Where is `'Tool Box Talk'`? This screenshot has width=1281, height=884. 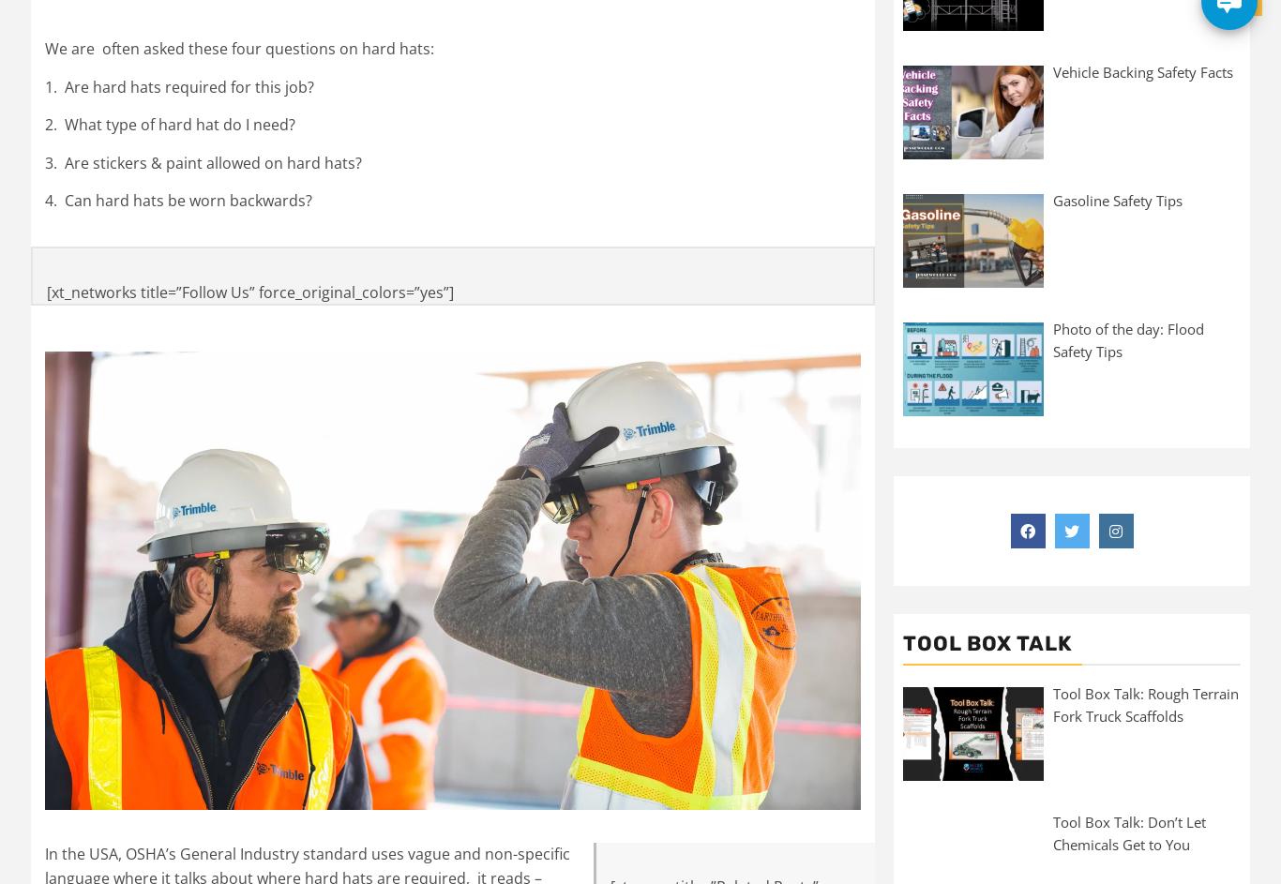 'Tool Box Talk' is located at coordinates (987, 642).